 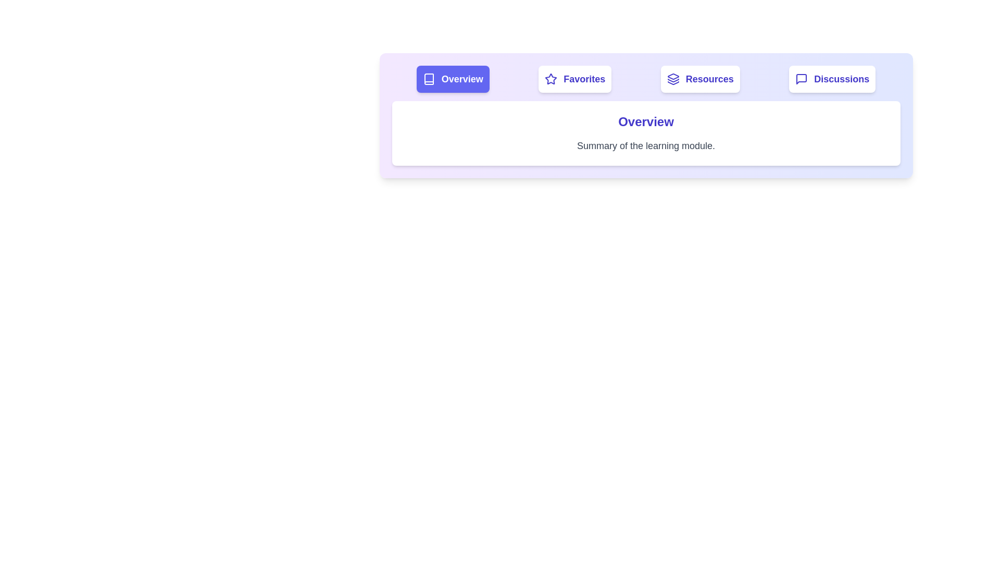 What do you see at coordinates (453, 78) in the screenshot?
I see `the Overview tab by clicking on its button` at bounding box center [453, 78].